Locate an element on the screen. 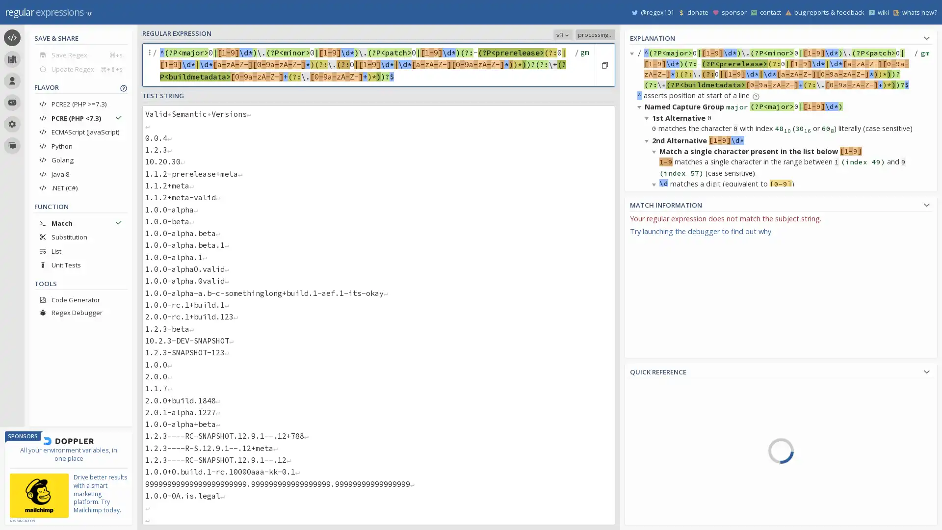 The image size is (942, 530). Collapse Subtree is located at coordinates (648, 140).